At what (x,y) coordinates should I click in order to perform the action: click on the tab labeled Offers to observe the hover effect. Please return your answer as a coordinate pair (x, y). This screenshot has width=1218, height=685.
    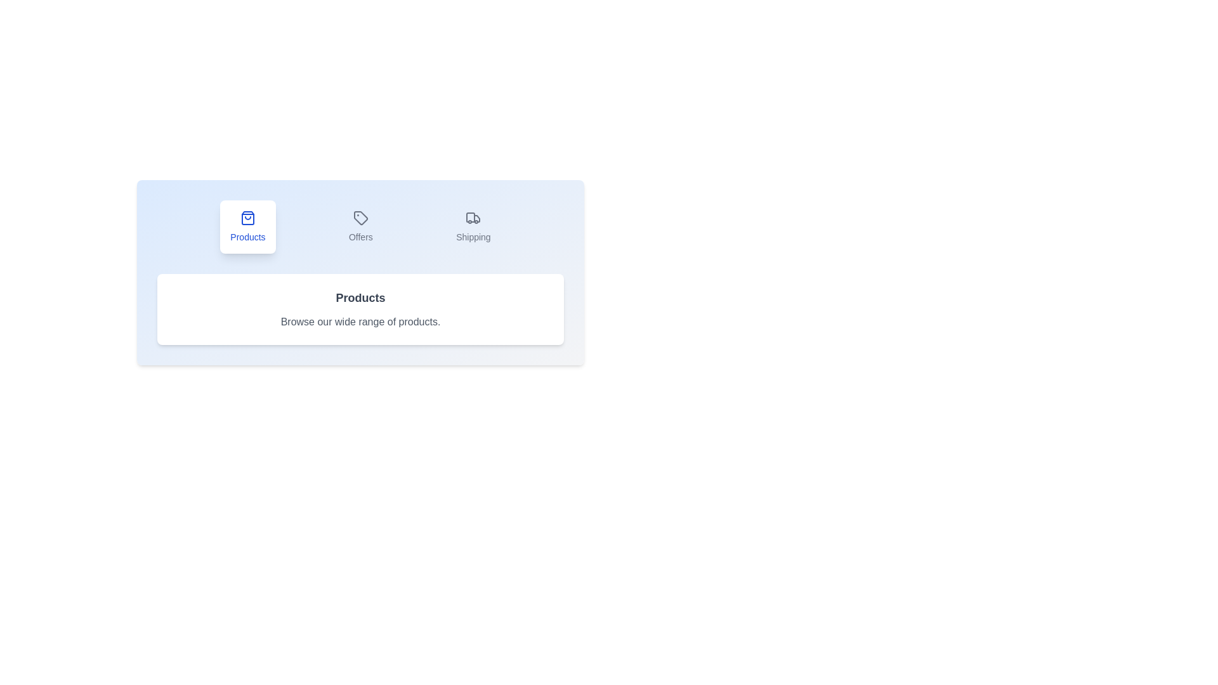
    Looking at the image, I should click on (360, 226).